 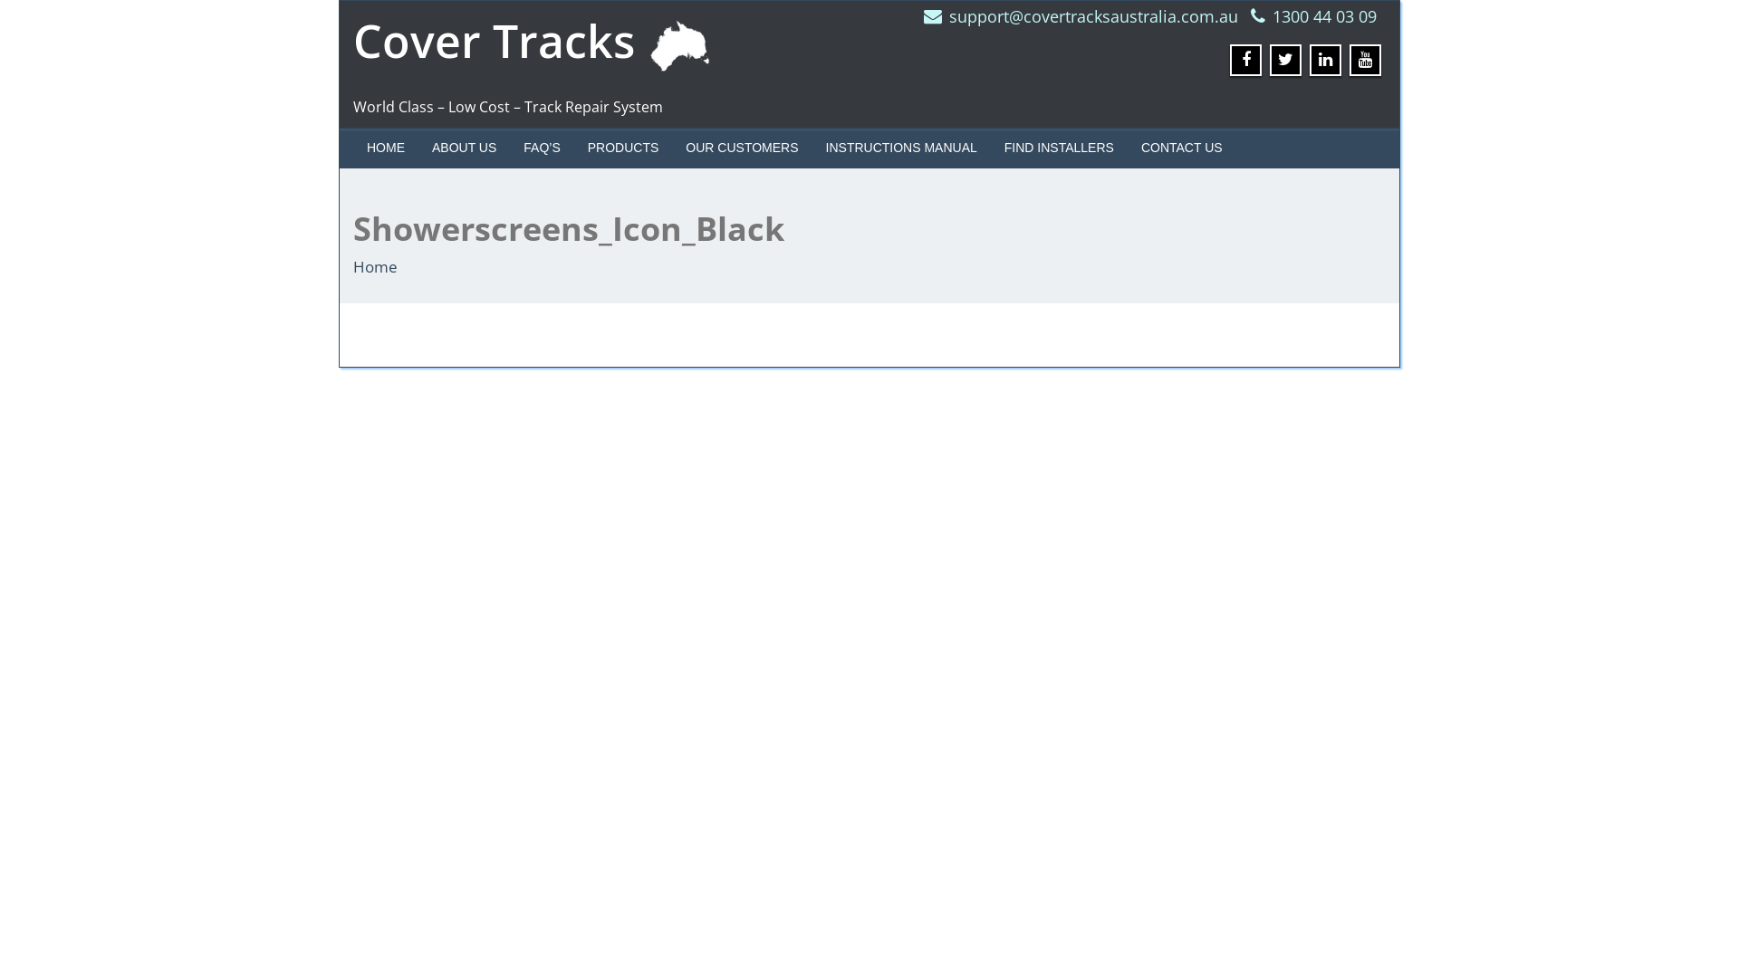 What do you see at coordinates (623, 146) in the screenshot?
I see `'PRODUCTS'` at bounding box center [623, 146].